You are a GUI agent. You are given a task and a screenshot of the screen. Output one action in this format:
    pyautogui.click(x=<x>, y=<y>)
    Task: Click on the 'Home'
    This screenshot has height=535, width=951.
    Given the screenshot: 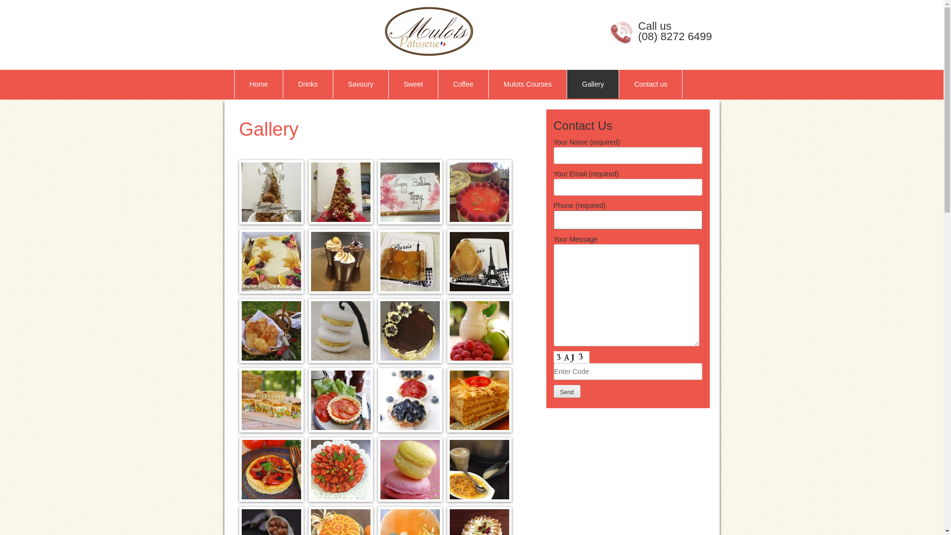 What is the action you would take?
    pyautogui.click(x=259, y=83)
    